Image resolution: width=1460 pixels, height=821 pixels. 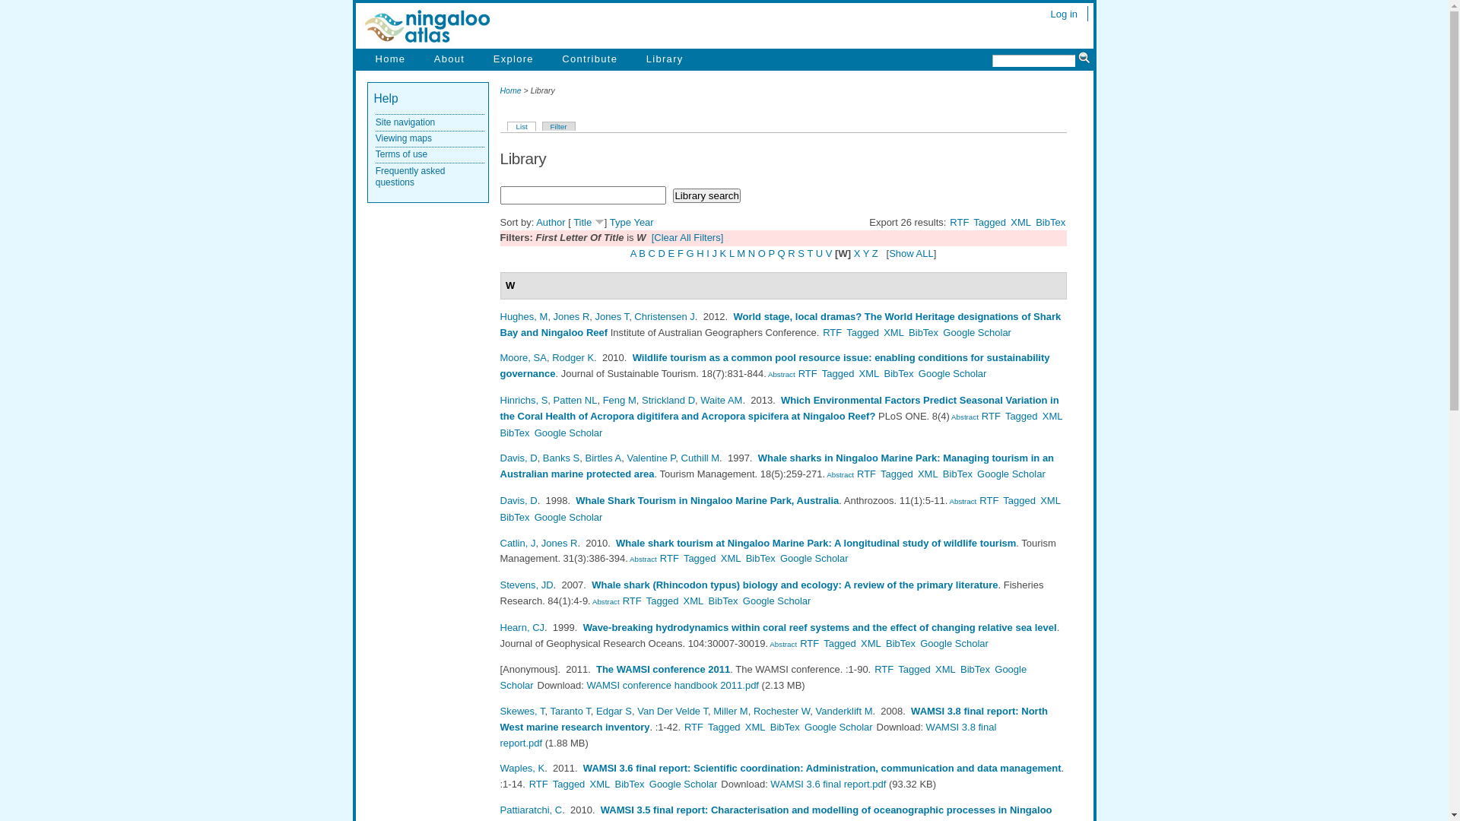 What do you see at coordinates (696, 252) in the screenshot?
I see `'H'` at bounding box center [696, 252].